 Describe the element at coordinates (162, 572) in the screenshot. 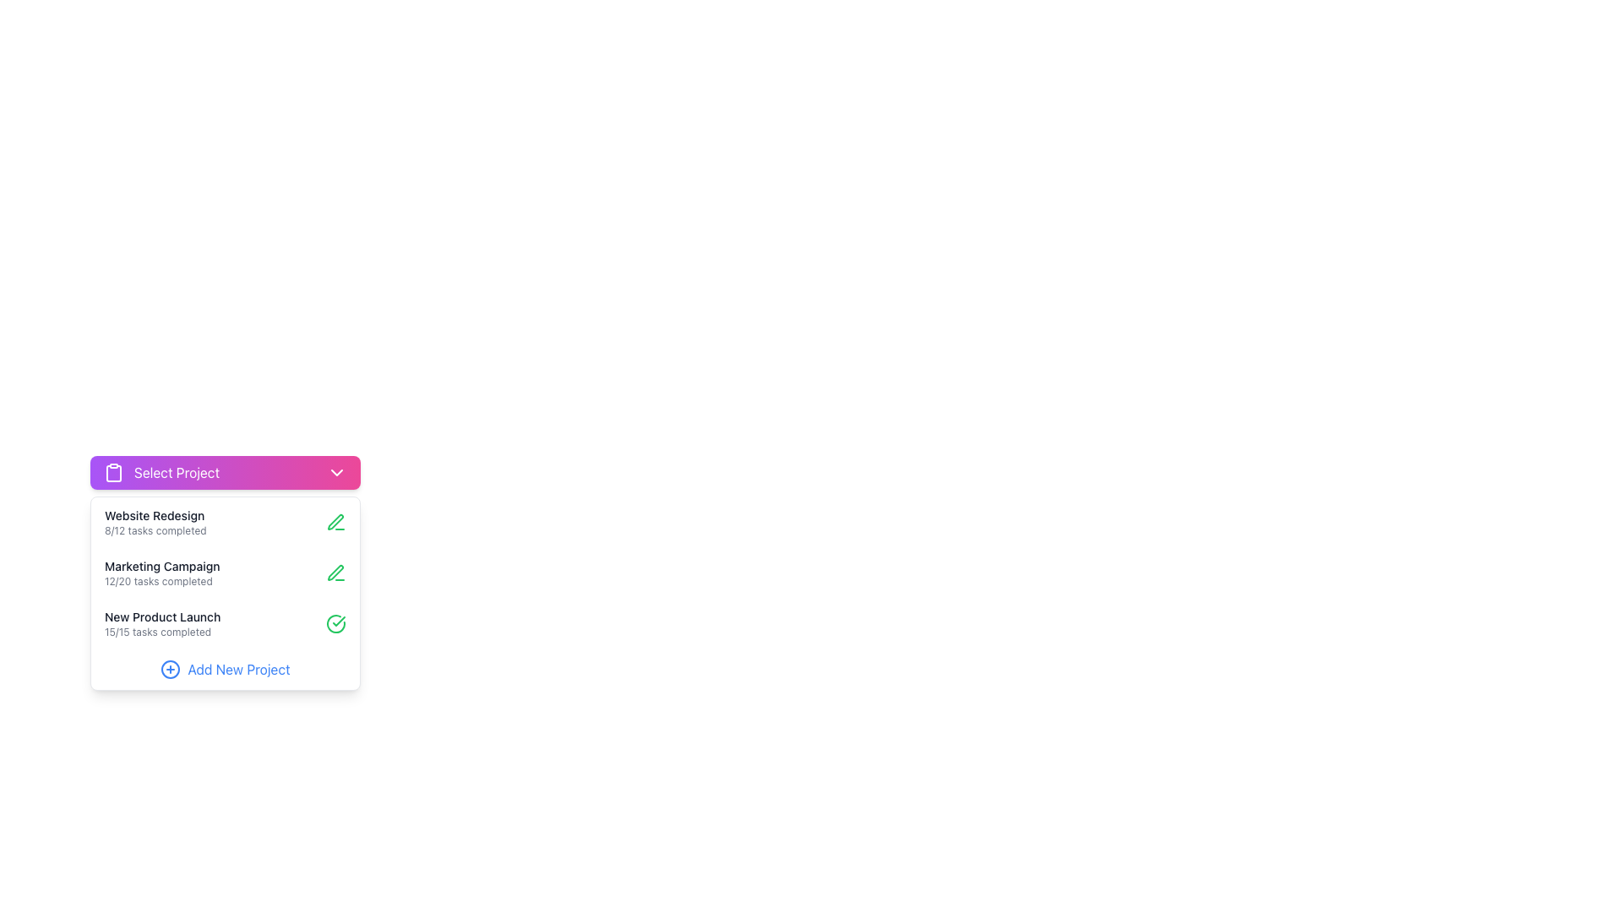

I see `displayed text from the summary display label for the 'Marketing Campaign' project, located below the 'Website Redesign' entry and above the 'New Product Launch' entry in the vertical list` at that location.